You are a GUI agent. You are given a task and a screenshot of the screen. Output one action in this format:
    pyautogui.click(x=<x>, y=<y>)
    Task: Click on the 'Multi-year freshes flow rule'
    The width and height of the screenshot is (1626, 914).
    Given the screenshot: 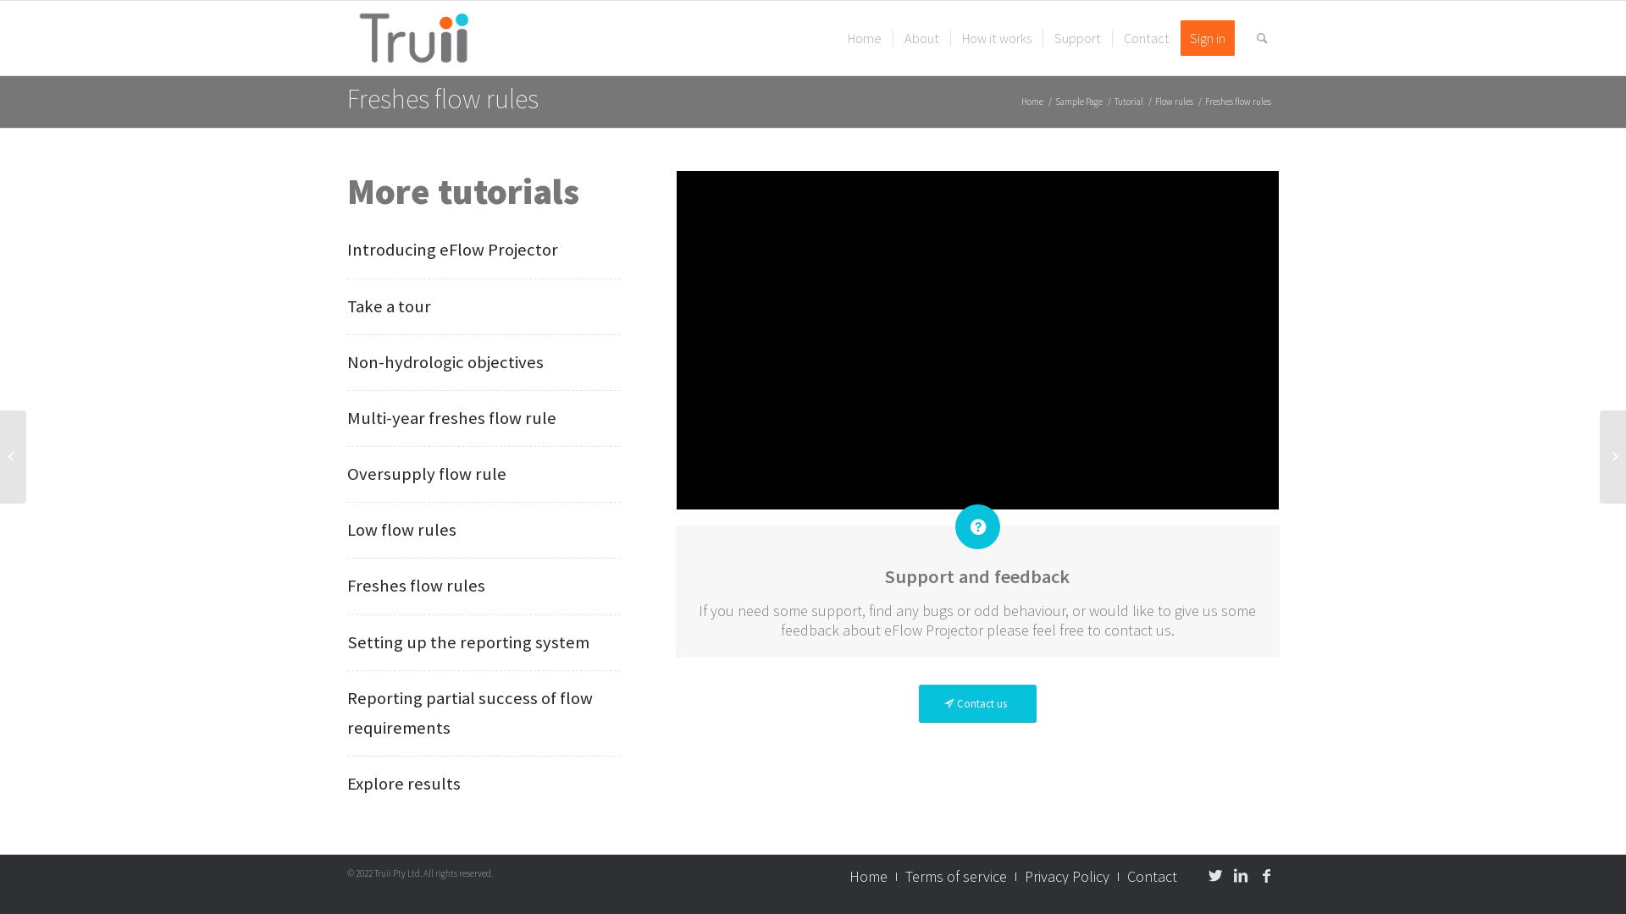 What is the action you would take?
    pyautogui.click(x=451, y=417)
    